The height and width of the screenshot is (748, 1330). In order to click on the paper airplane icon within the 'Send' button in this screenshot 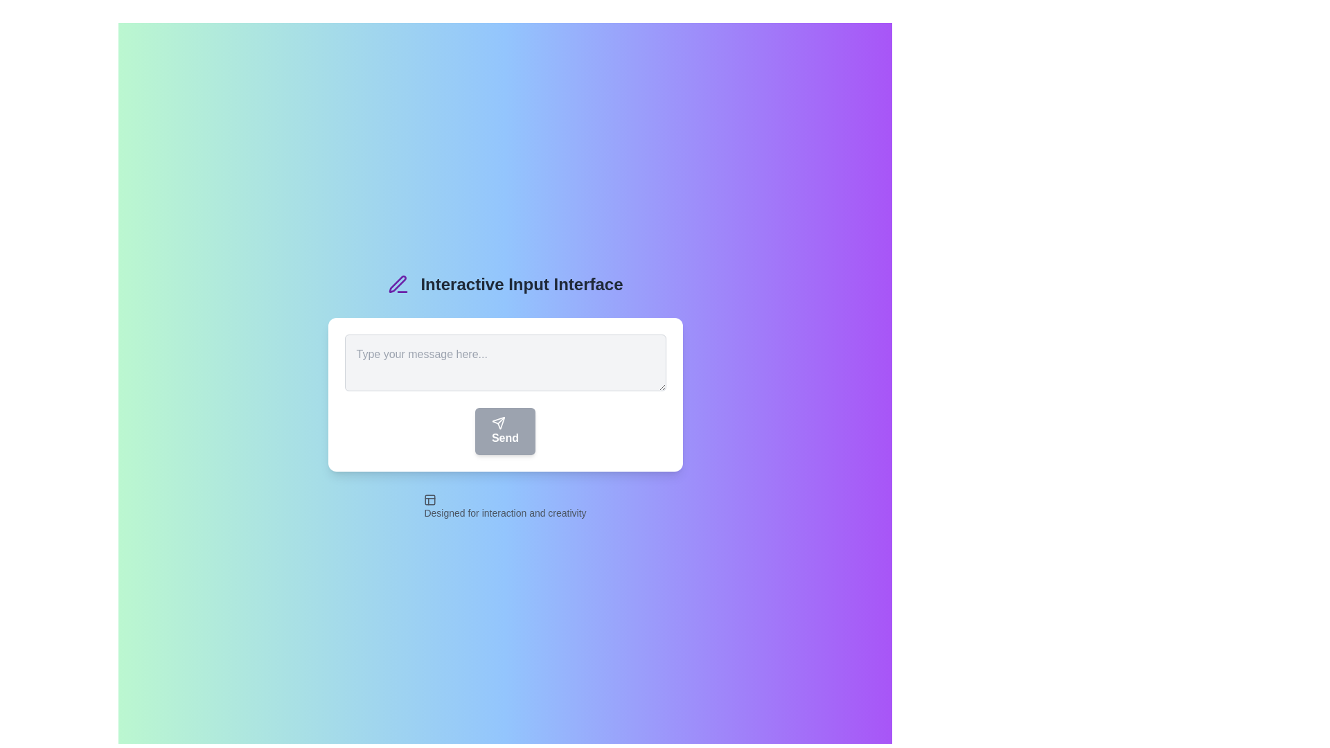, I will do `click(499, 422)`.